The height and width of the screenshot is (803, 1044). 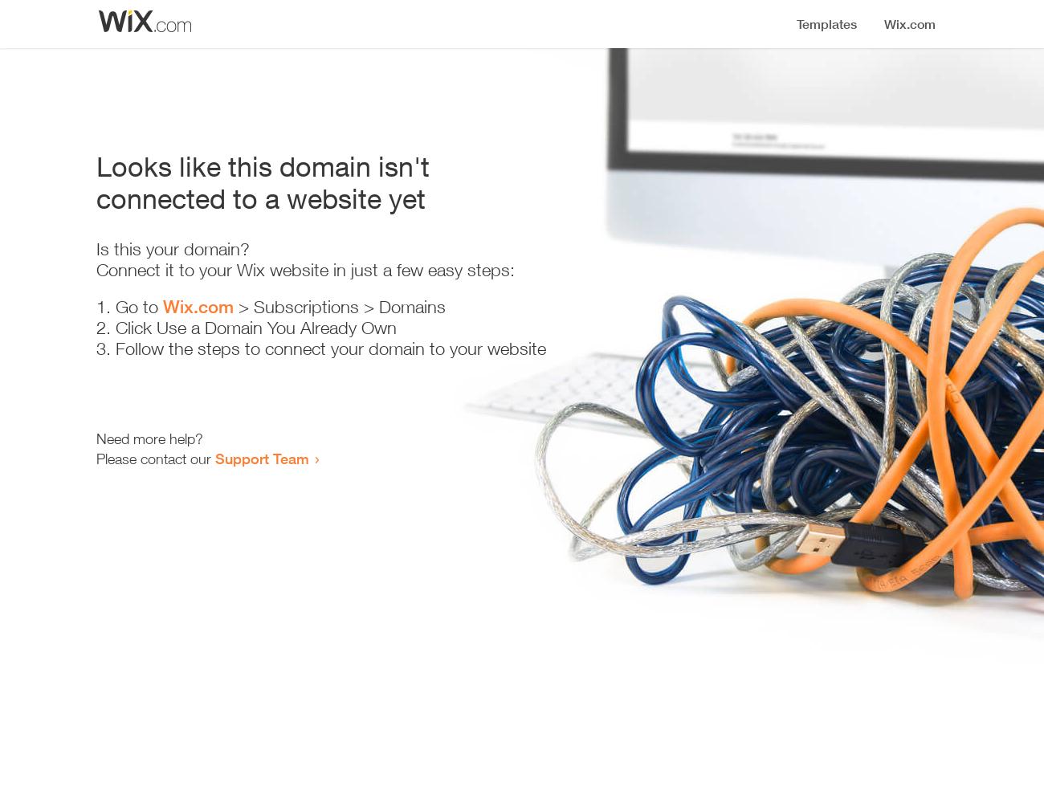 What do you see at coordinates (305, 269) in the screenshot?
I see `'Connect it to your Wix website in just a few easy steps:'` at bounding box center [305, 269].